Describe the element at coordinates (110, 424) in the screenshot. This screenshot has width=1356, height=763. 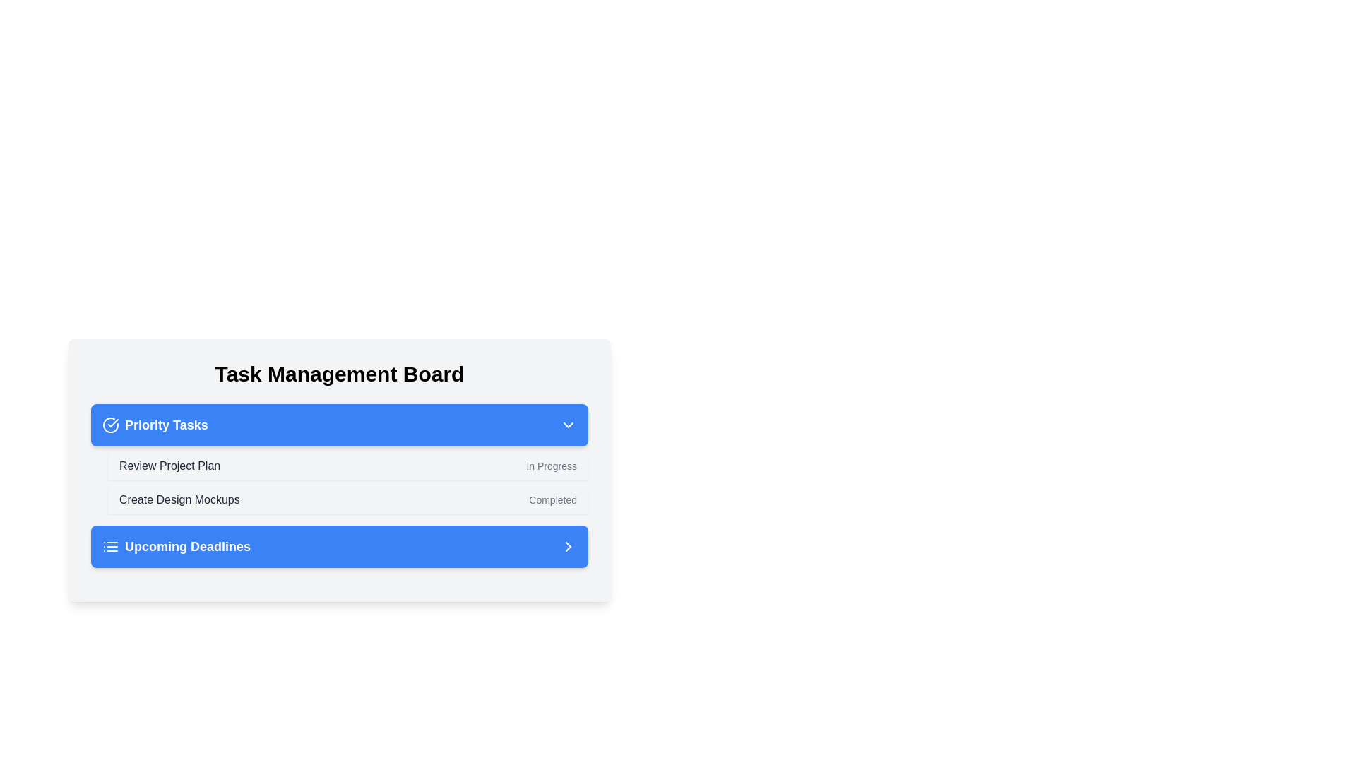
I see `the check mark icon located` at that location.